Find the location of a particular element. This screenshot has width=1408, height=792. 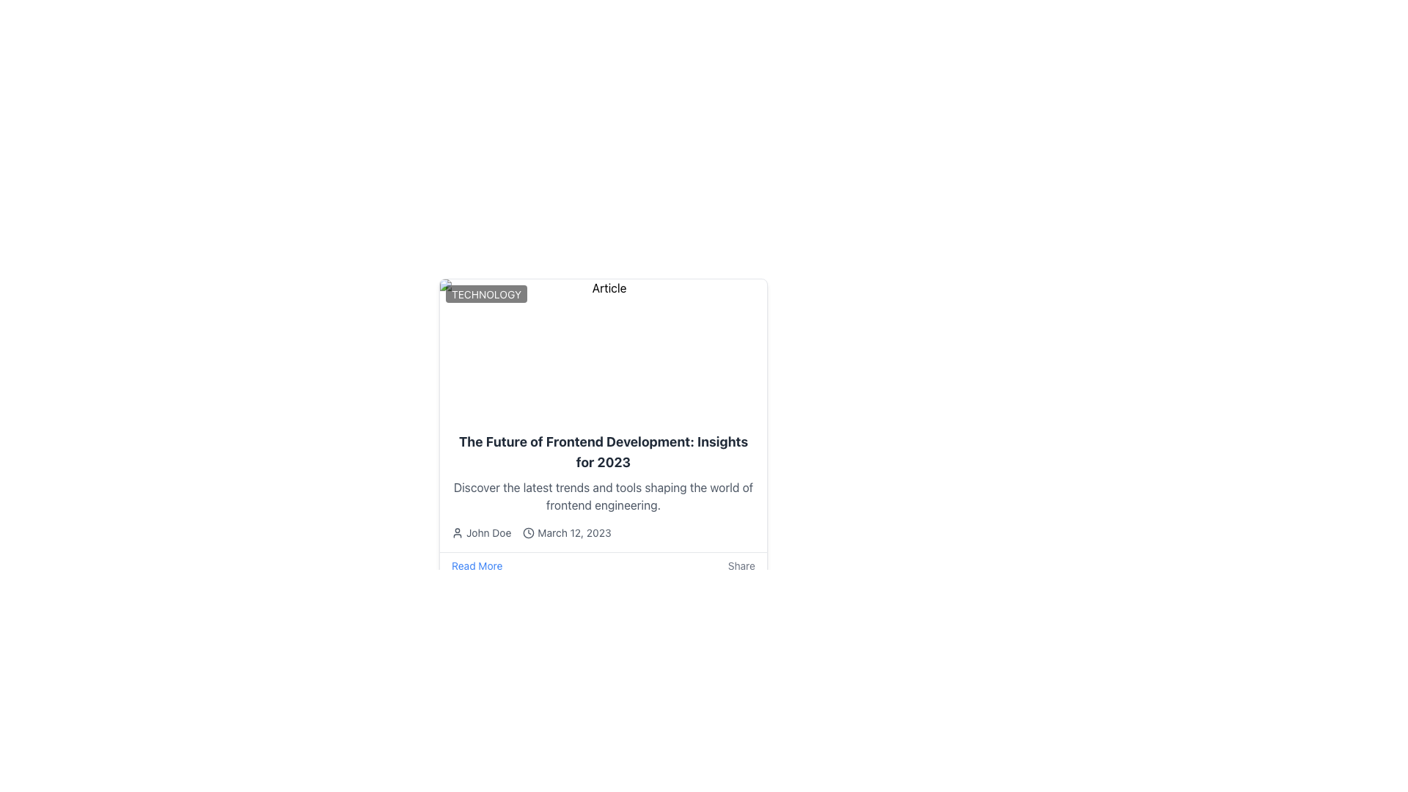

the text label styled as a tag with the uppercase text 'TECHNOLOGY' on a black rounded rectangle background is located at coordinates (486, 294).